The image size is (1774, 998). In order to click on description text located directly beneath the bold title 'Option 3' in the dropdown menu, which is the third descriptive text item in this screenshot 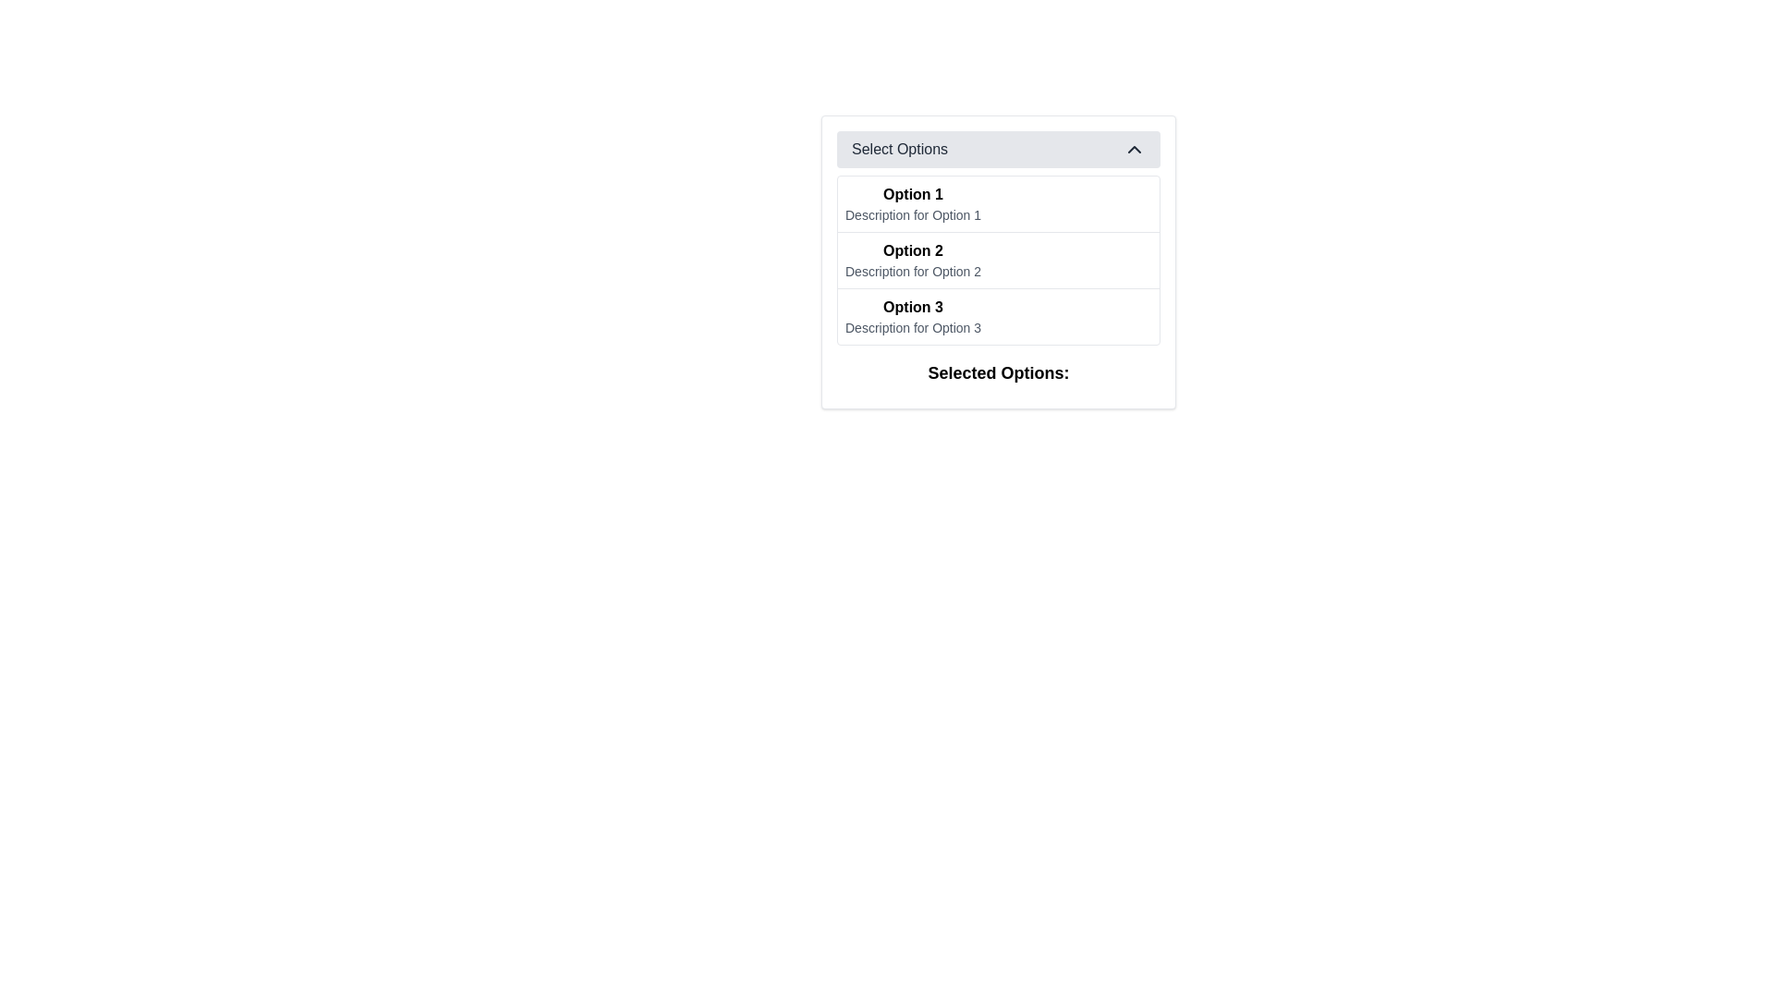, I will do `click(913, 326)`.